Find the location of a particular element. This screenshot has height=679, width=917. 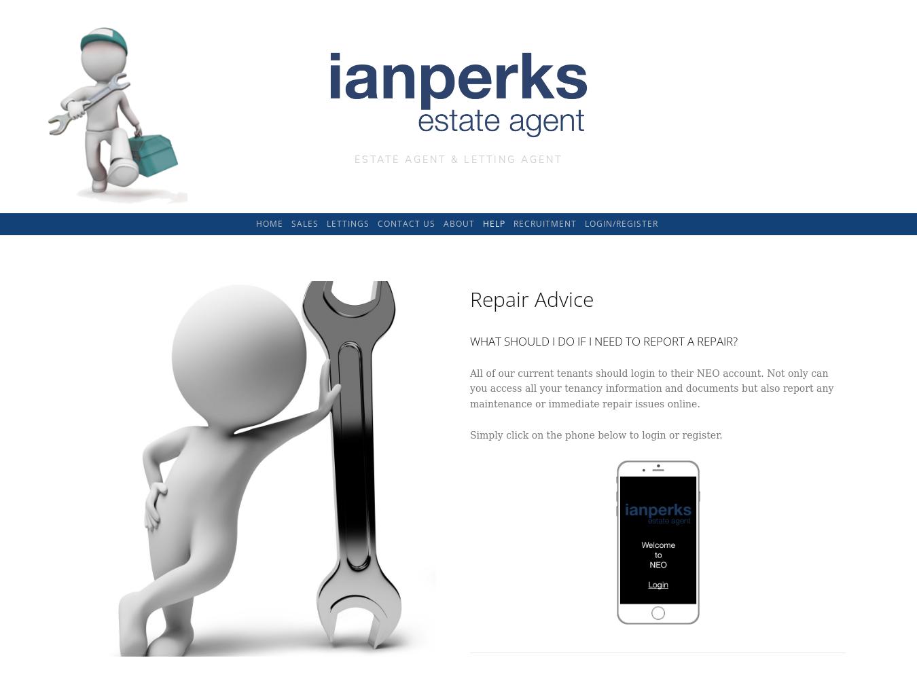

'Lettings' is located at coordinates (325, 222).